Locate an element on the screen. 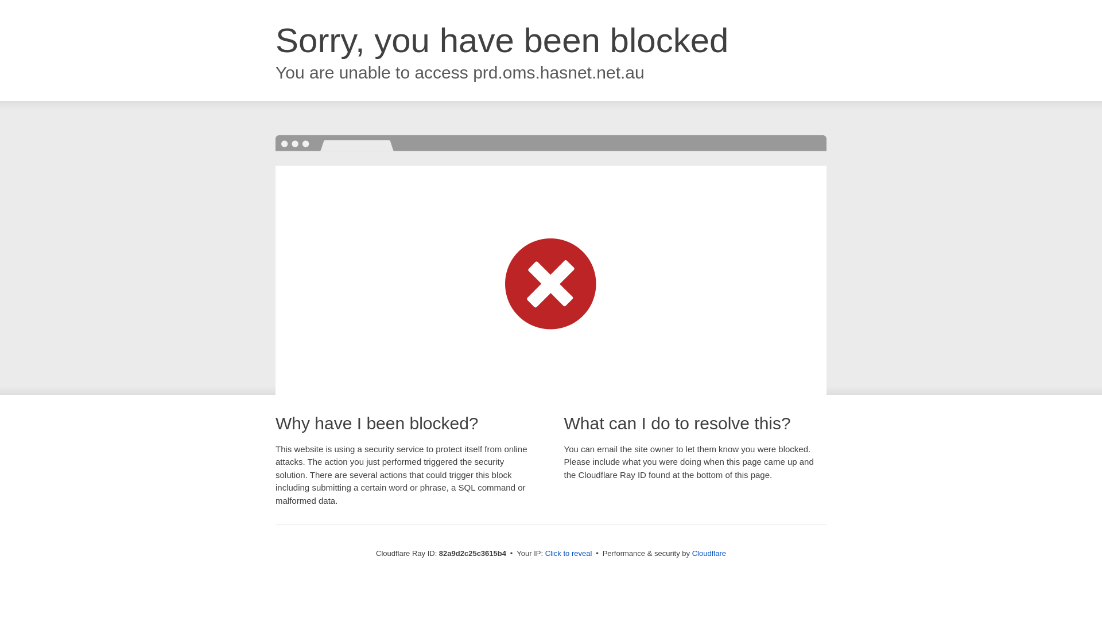  'Click to reveal' is located at coordinates (545, 553).